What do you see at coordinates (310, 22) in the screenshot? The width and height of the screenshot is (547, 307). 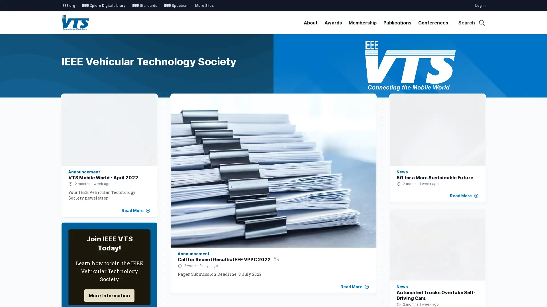 I see `About` at bounding box center [310, 22].